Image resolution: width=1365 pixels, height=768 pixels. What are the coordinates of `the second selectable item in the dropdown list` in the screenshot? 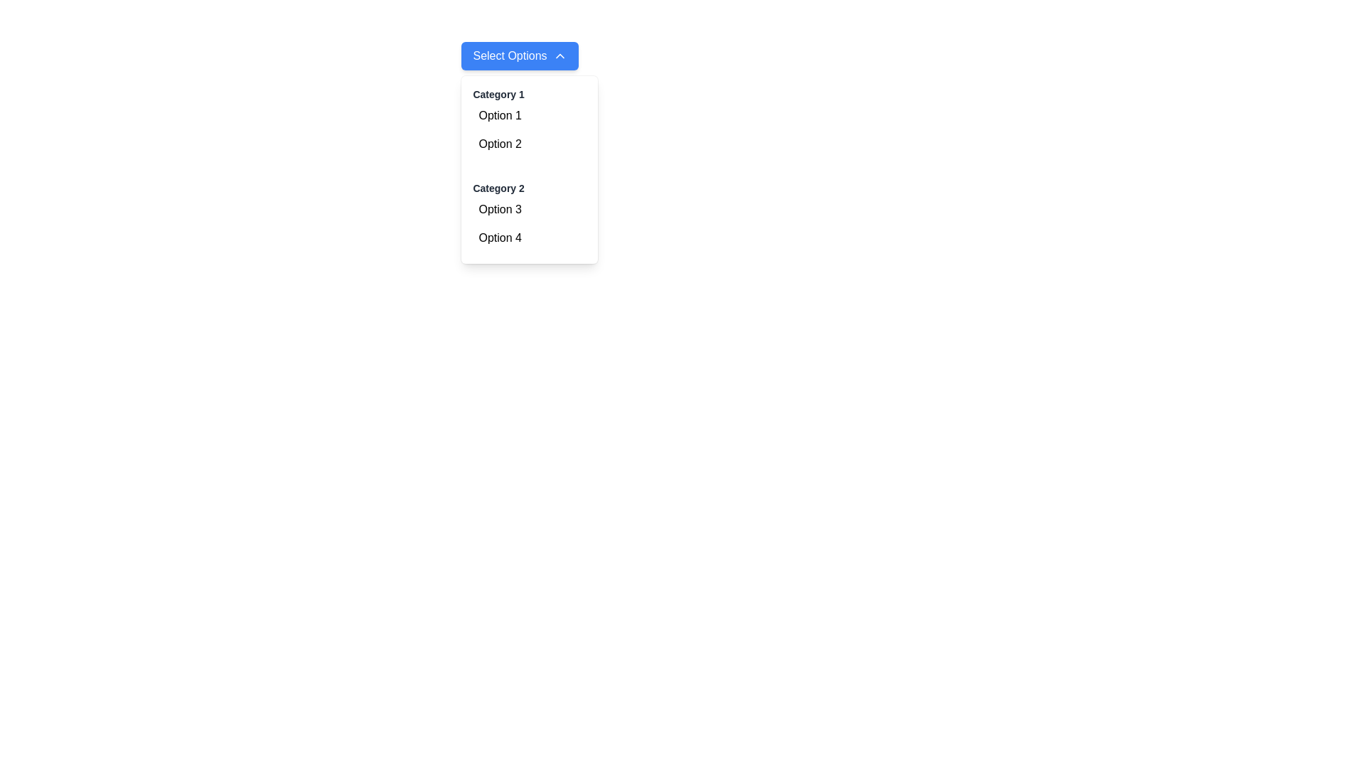 It's located at (529, 144).